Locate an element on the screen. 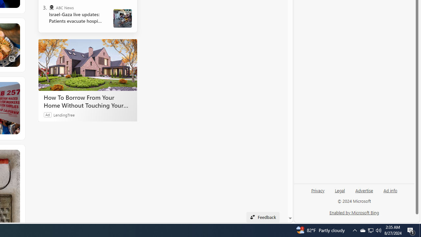 The image size is (421, 237). 'ABC News' is located at coordinates (51, 8).